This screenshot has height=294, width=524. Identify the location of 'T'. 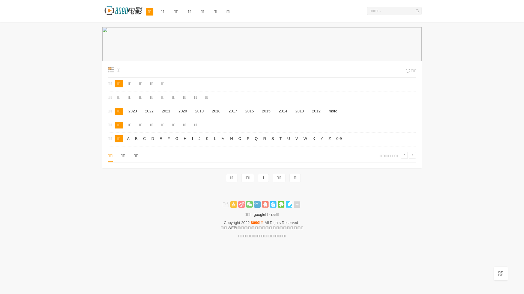
(281, 138).